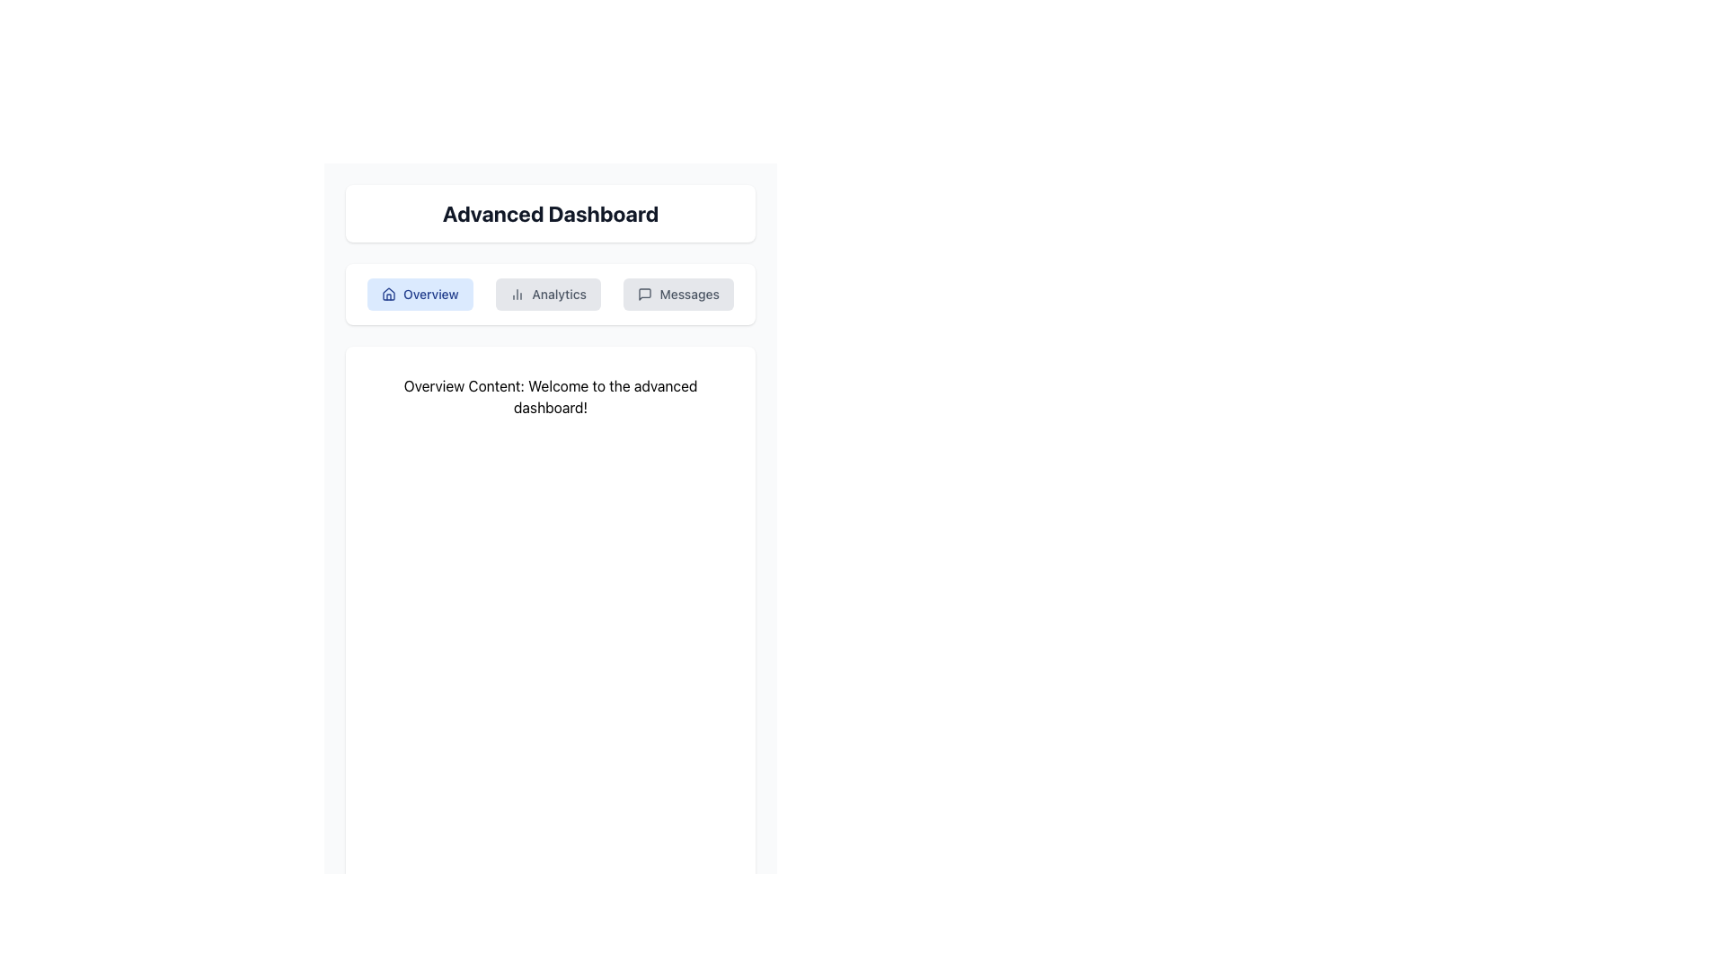 This screenshot has width=1725, height=970. What do you see at coordinates (645, 293) in the screenshot?
I see `the speech bubble icon located within the 'Messages' button on the Advanced Dashboard, which is the third button in the navigation row` at bounding box center [645, 293].